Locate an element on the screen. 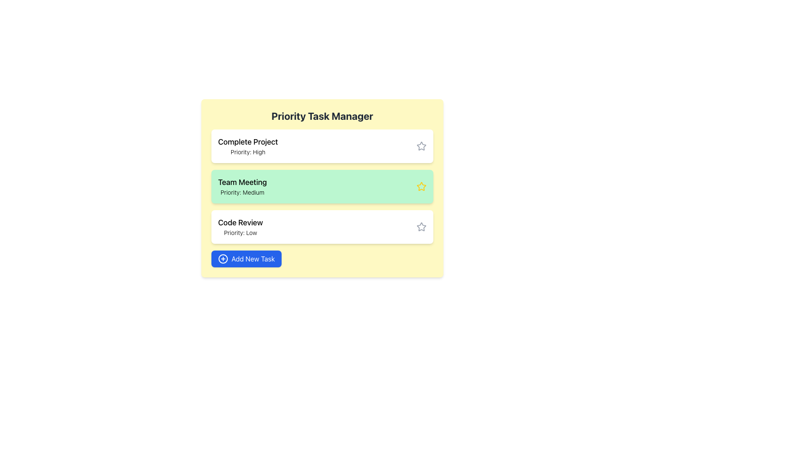 The height and width of the screenshot is (454, 807). the 'Code Review' text label element, which is styled in bold and slightly larger font at the top-center of a task card labeled 'Priority: Low' is located at coordinates (240, 222).